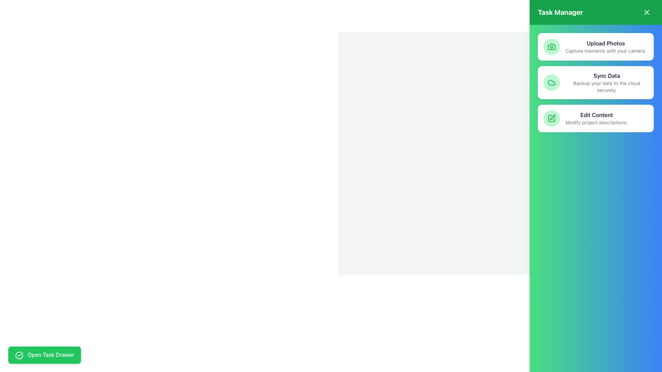 The height and width of the screenshot is (372, 662). I want to click on the graphical icon that supports the 'Edit Content' button, which symbolizes editing functionalities, located under the 'Edit Content' button in the right panel, so click(553, 117).